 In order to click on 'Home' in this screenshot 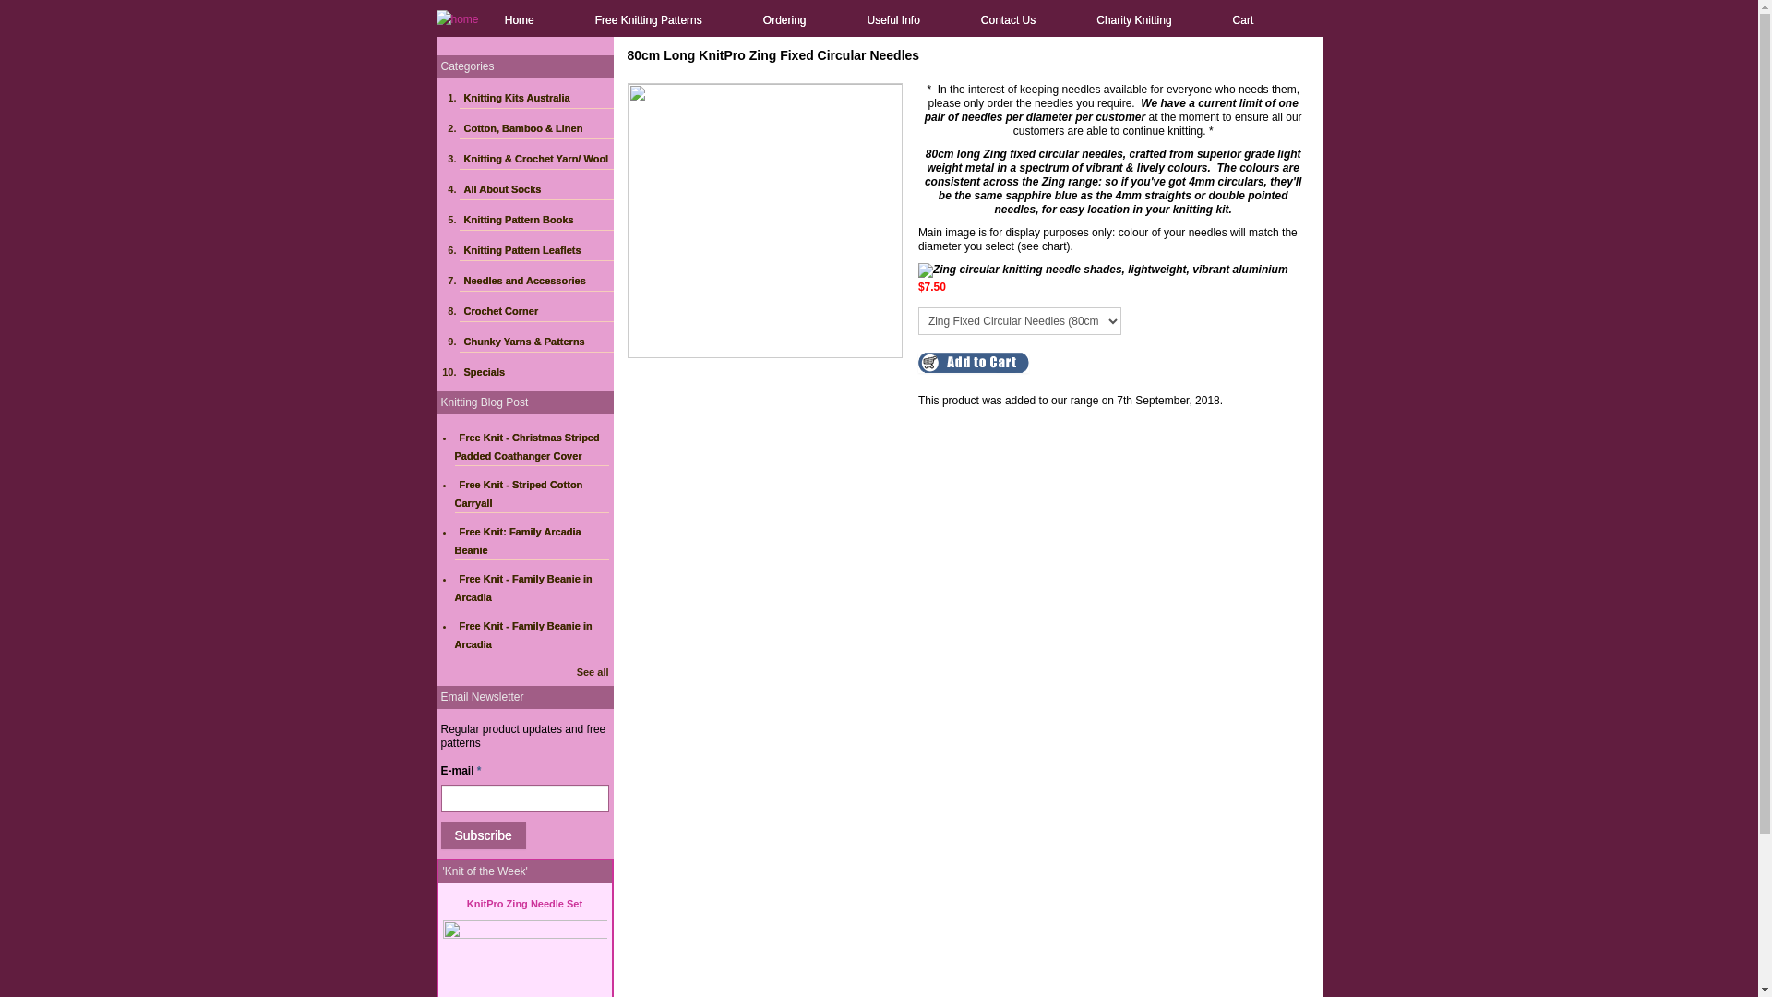, I will do `click(518, 20)`.